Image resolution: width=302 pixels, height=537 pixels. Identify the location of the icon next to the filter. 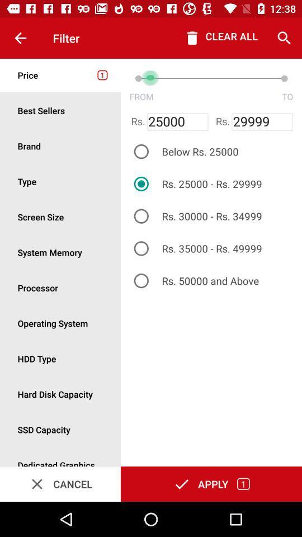
(20, 38).